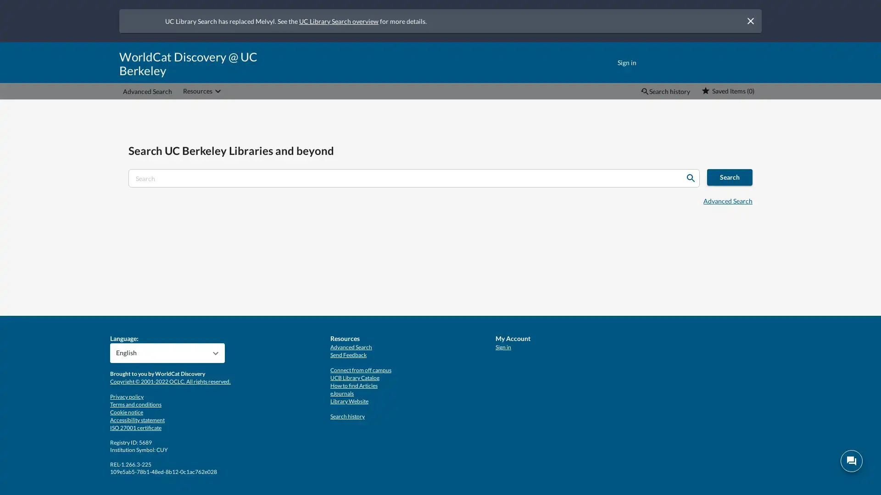  I want to click on Search, so click(691, 178).